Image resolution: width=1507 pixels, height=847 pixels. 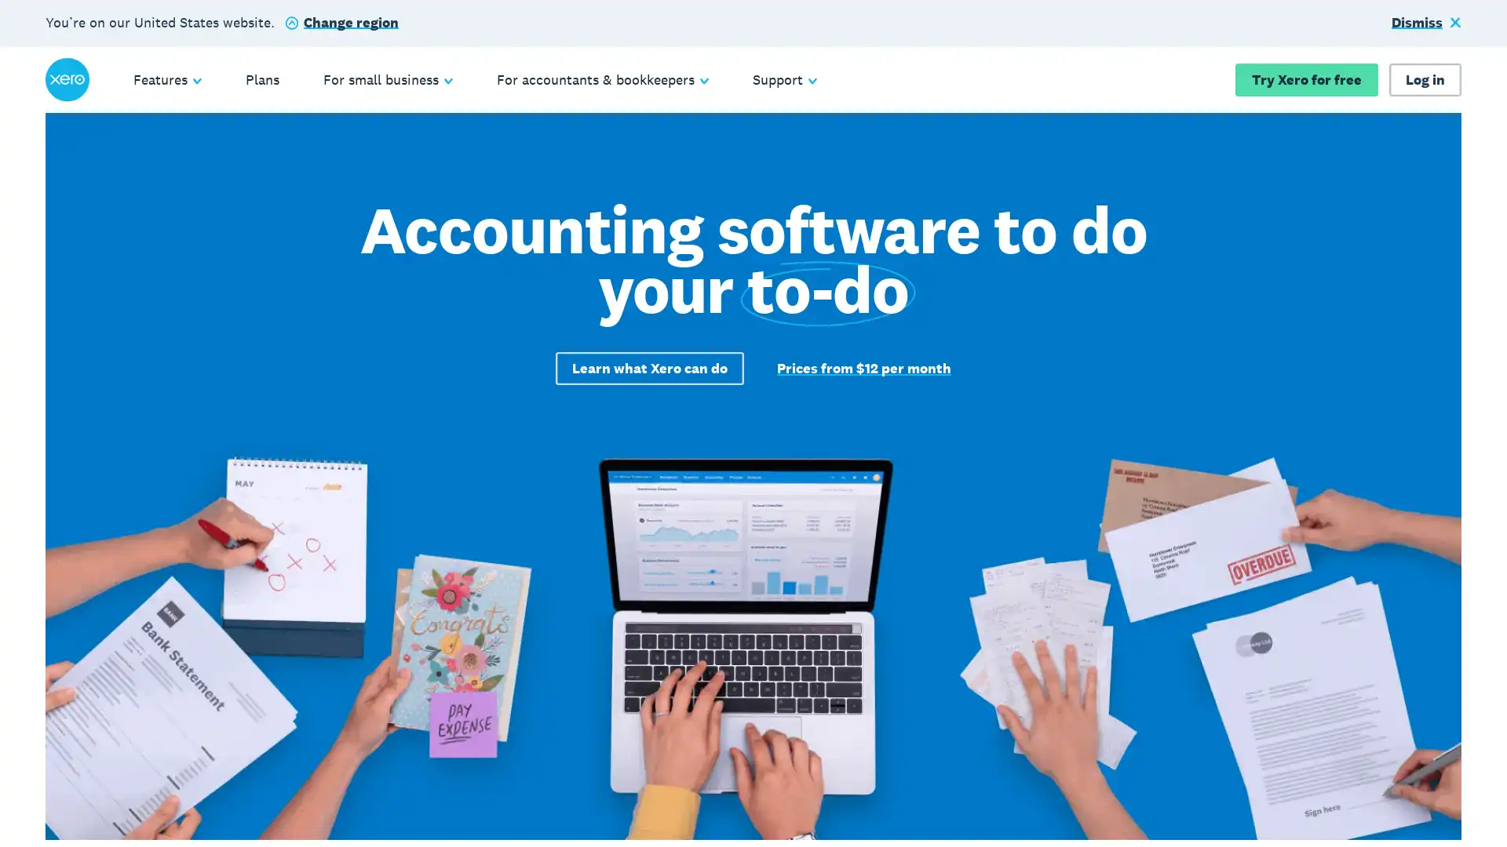 I want to click on Dismiss, so click(x=1426, y=24).